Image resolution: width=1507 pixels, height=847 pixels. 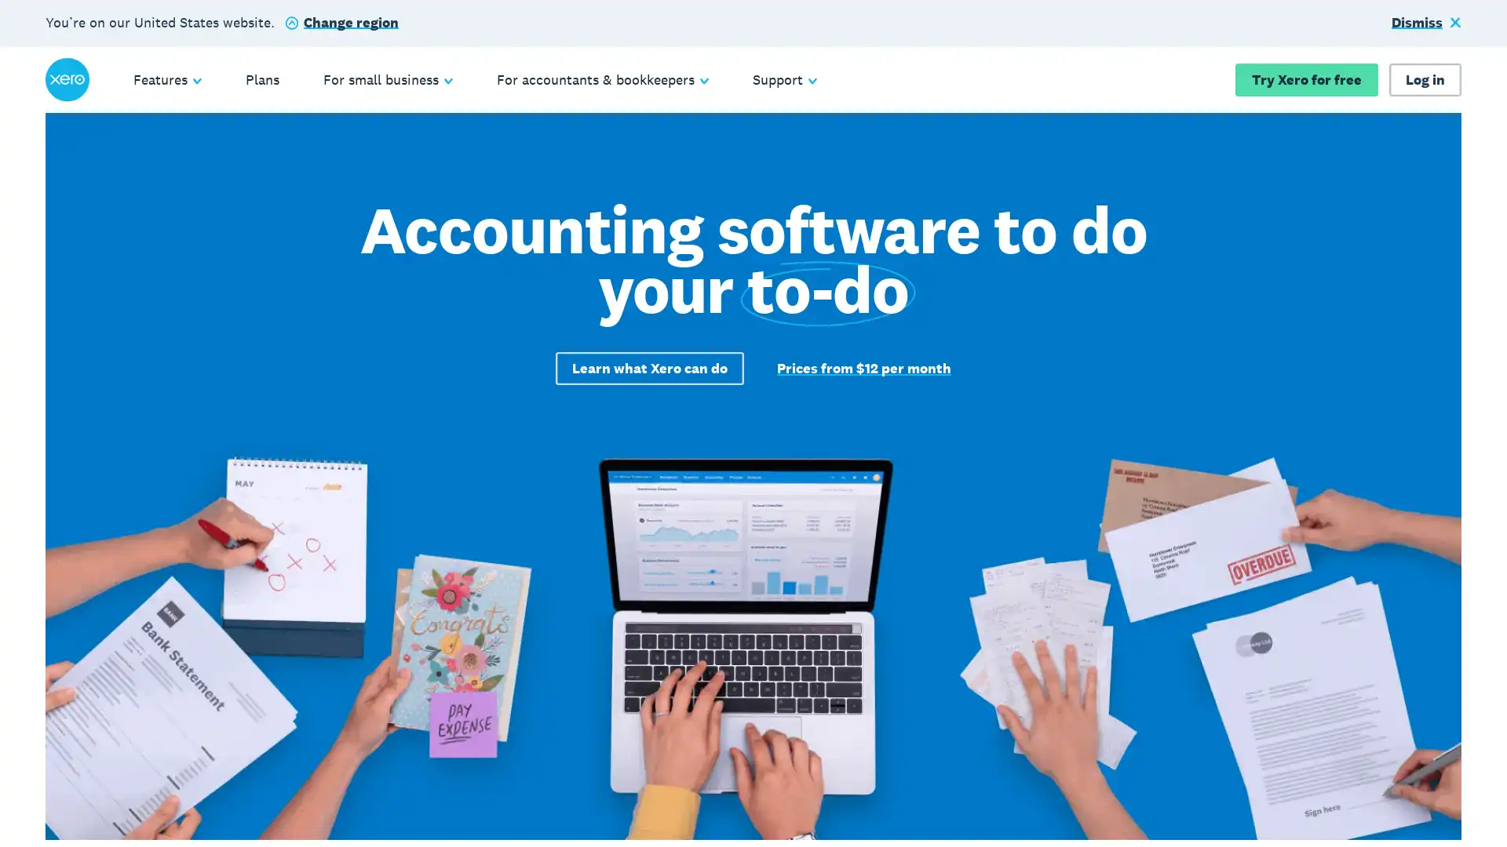 I want to click on Dismiss, so click(x=1426, y=24).